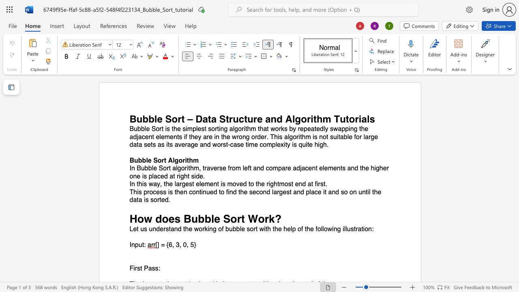 The width and height of the screenshot is (519, 292). What do you see at coordinates (191, 160) in the screenshot?
I see `the 1th character "h" in the text` at bounding box center [191, 160].